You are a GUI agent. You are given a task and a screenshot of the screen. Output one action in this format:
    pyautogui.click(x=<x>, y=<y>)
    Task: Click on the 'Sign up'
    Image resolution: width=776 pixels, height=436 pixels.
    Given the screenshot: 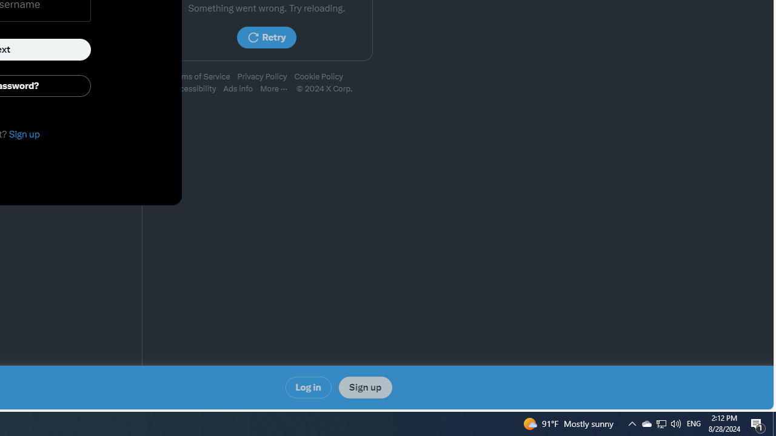 What is the action you would take?
    pyautogui.click(x=364, y=388)
    